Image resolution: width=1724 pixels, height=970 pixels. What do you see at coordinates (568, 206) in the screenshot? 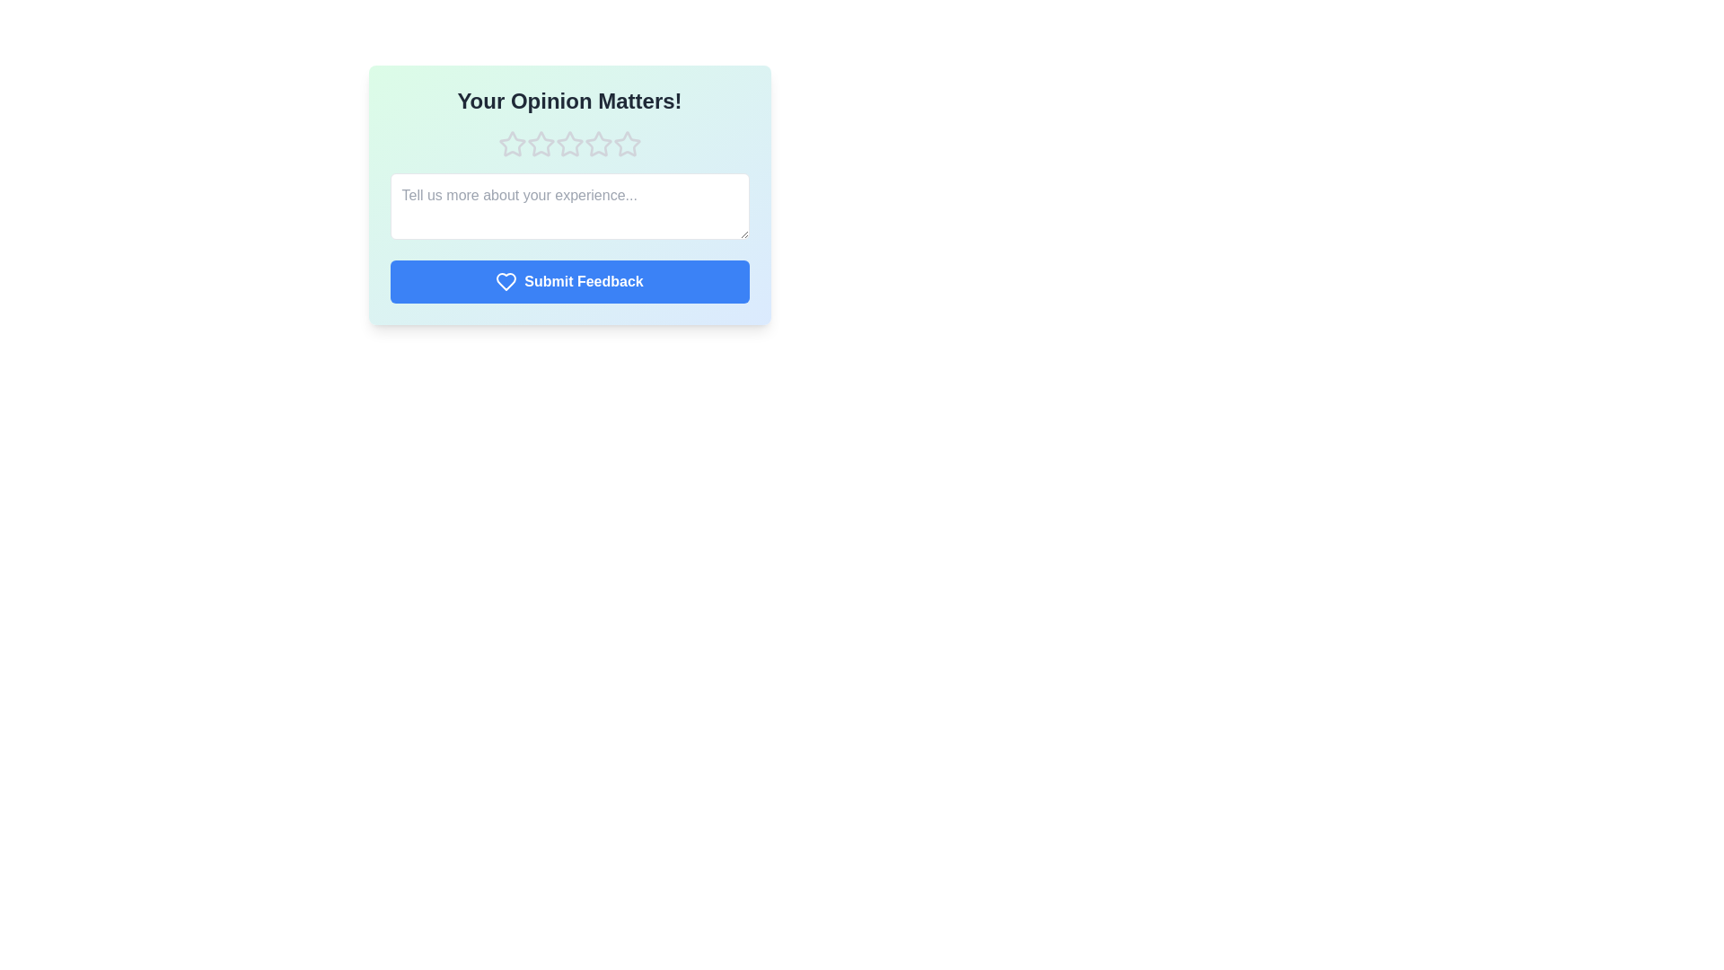
I see `the text input field (textarea) that has the placeholder text 'Tell us more about your experience...' to focus on it` at bounding box center [568, 206].